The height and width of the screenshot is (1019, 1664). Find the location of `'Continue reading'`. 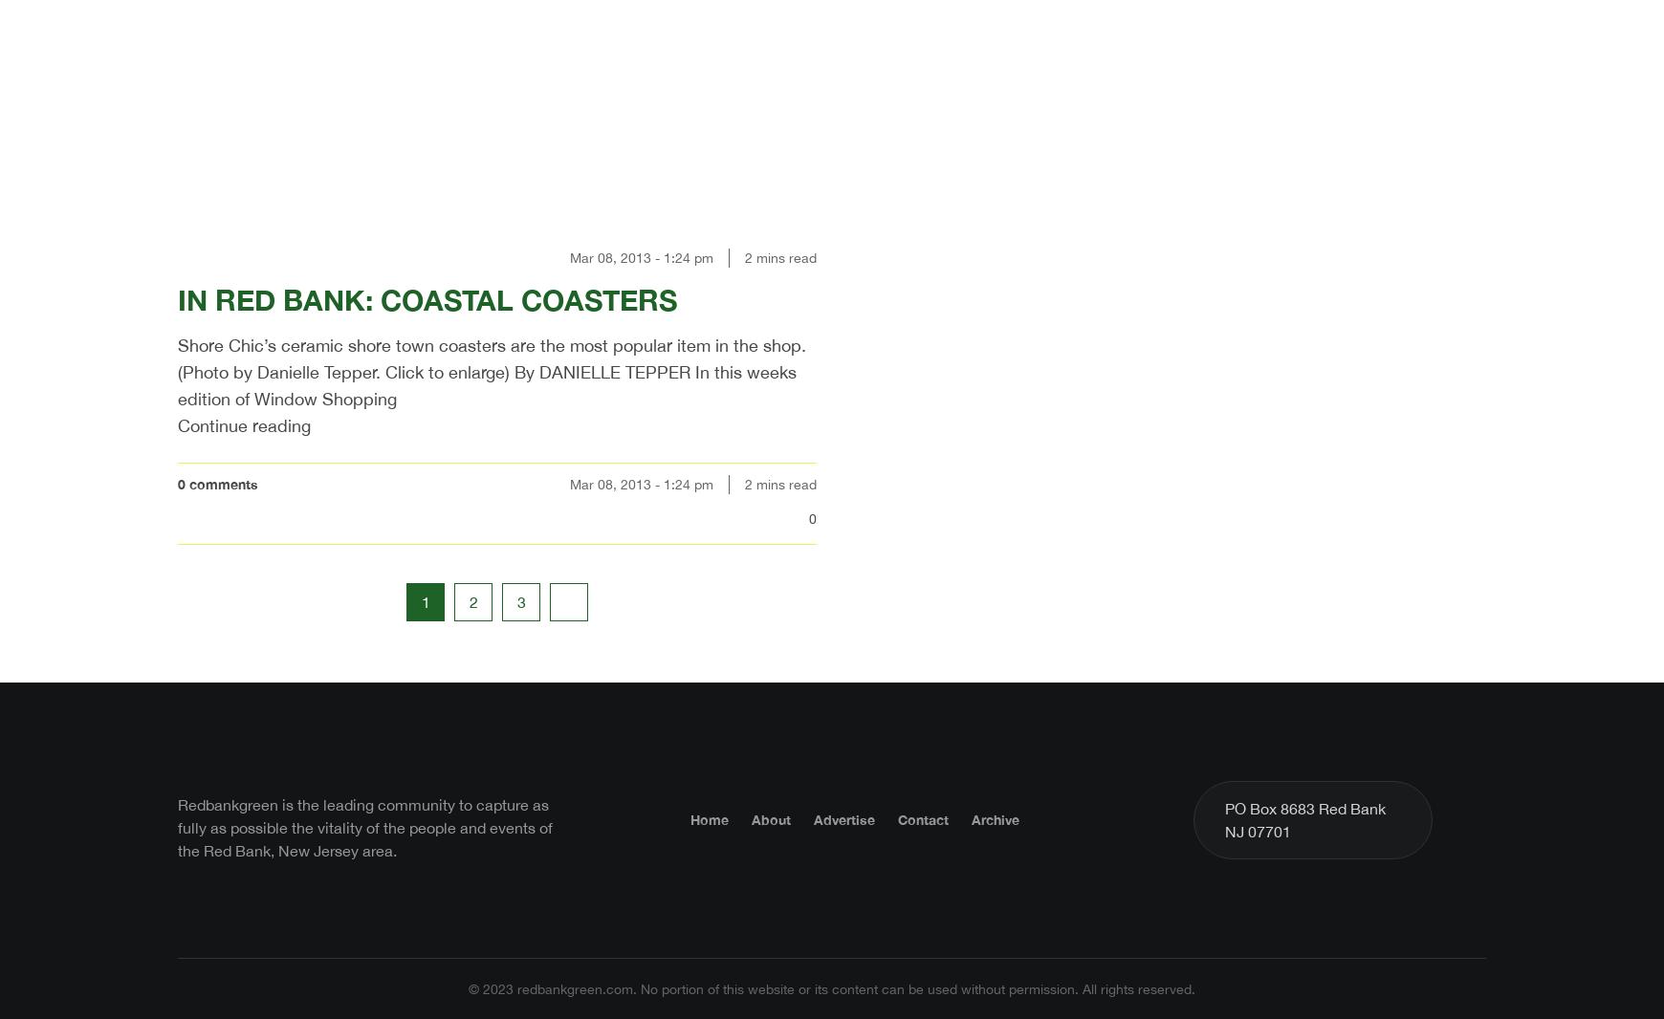

'Continue reading' is located at coordinates (244, 424).